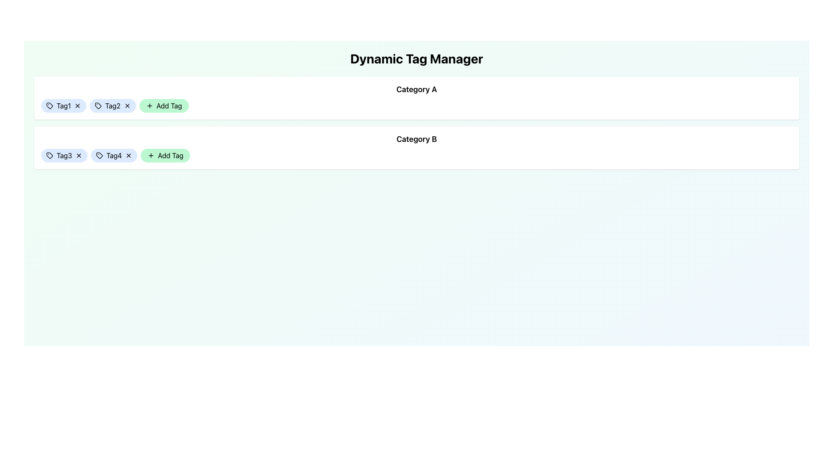  Describe the element at coordinates (127, 105) in the screenshot. I see `the 'x' icon button within 'Tag2' in 'Category A' to change its color to red` at that location.